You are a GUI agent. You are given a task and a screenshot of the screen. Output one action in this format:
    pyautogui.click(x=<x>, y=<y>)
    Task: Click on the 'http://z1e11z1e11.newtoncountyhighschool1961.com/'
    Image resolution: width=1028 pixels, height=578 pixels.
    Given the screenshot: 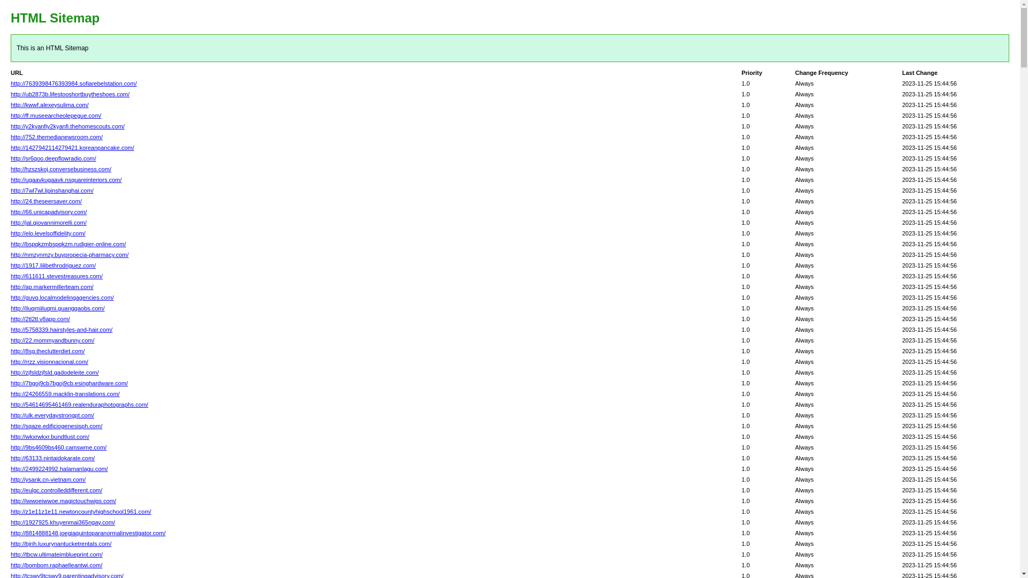 What is the action you would take?
    pyautogui.click(x=10, y=511)
    